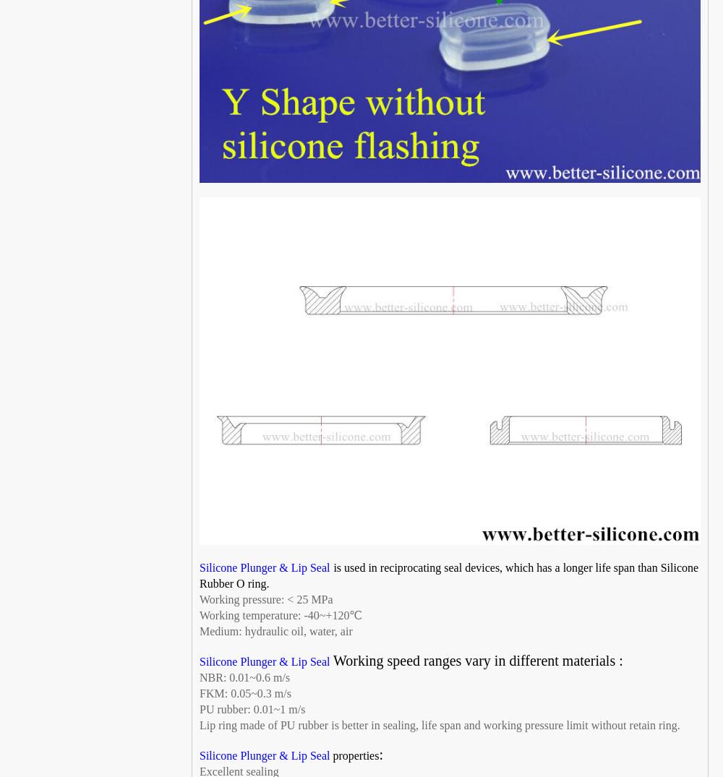 The height and width of the screenshot is (777, 723). I want to click on 'PU rubber: 0.01~1 m/s', so click(252, 709).